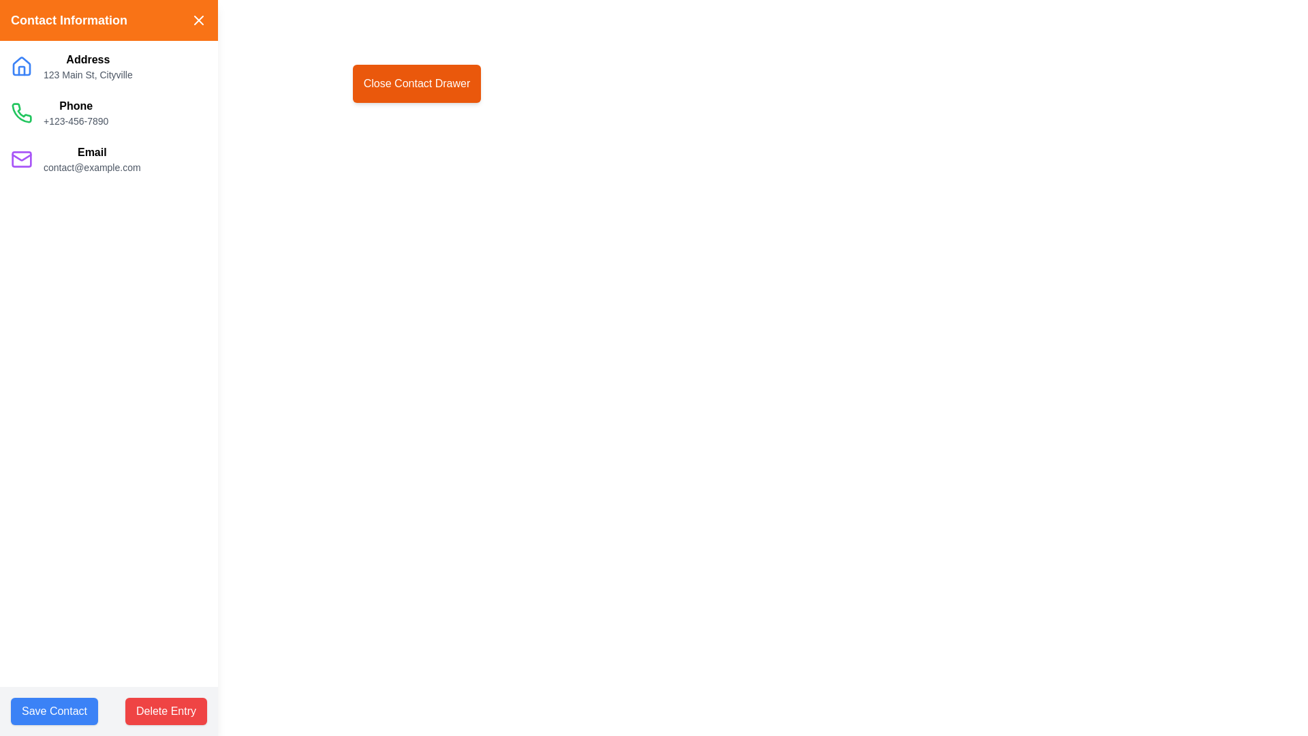 This screenshot has height=736, width=1308. What do you see at coordinates (87, 59) in the screenshot?
I see `the bold 'Address' text label located at the top of the contact information panel, which is aligned to the left and visually distinct from the address details below it` at bounding box center [87, 59].